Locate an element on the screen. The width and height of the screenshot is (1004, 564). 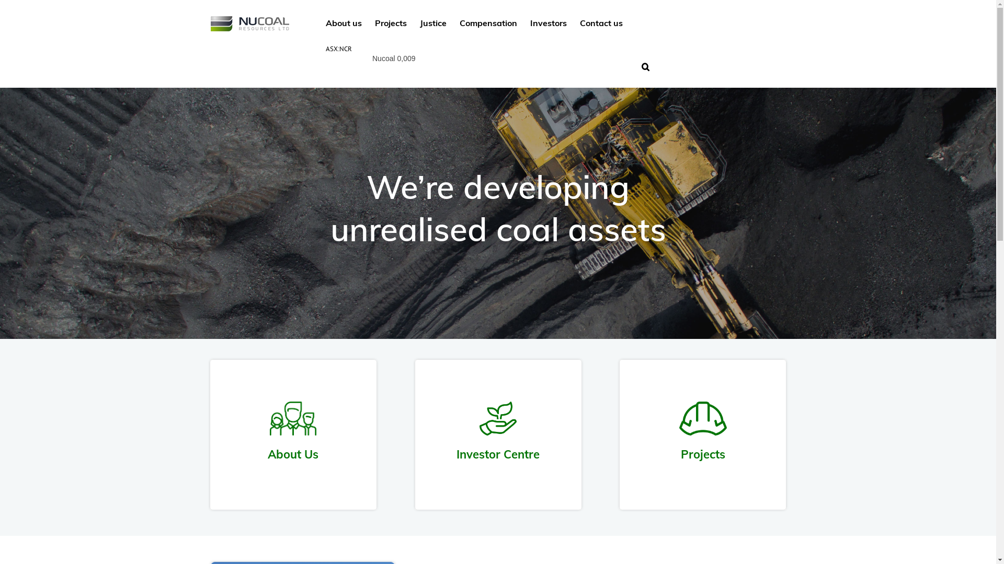
'and-plant-icon-green' is located at coordinates (498, 418).